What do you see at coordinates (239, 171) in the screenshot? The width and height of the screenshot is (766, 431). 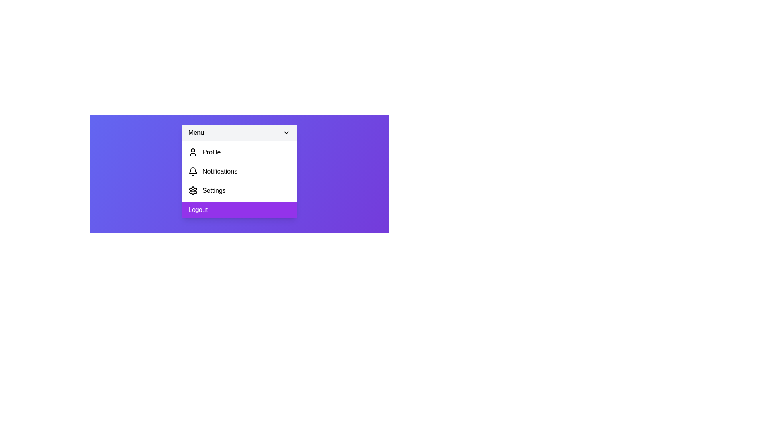 I see `the 'Notifications' option in the menu` at bounding box center [239, 171].